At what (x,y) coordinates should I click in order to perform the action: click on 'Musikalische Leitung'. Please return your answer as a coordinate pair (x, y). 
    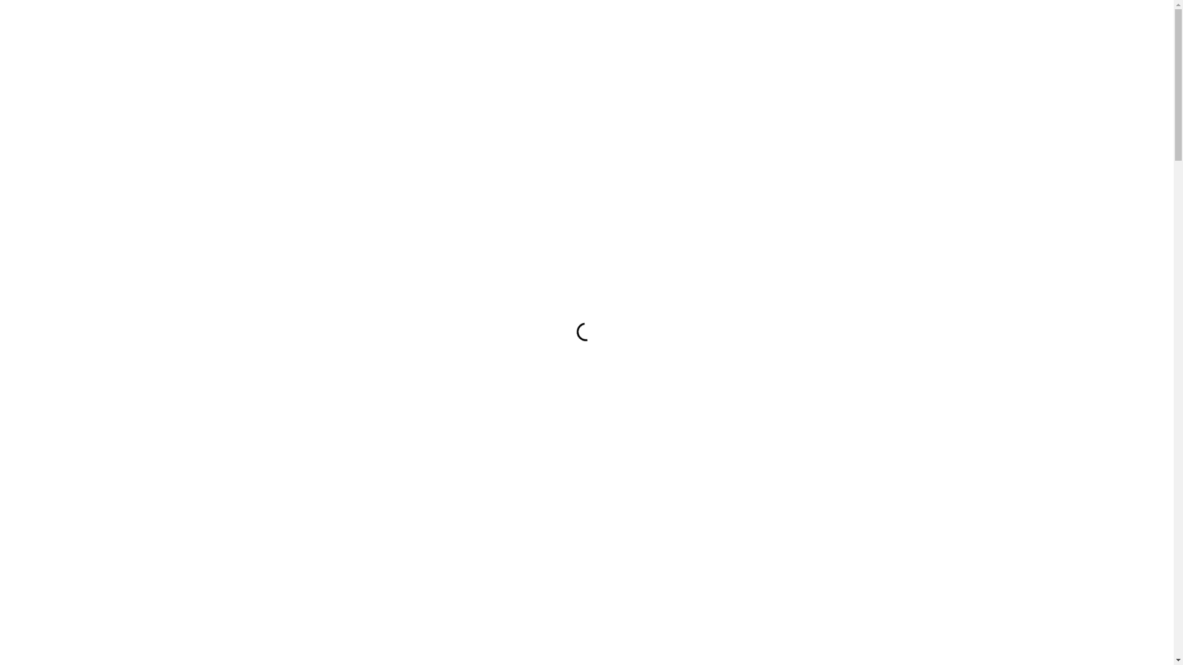
    Looking at the image, I should click on (55, 70).